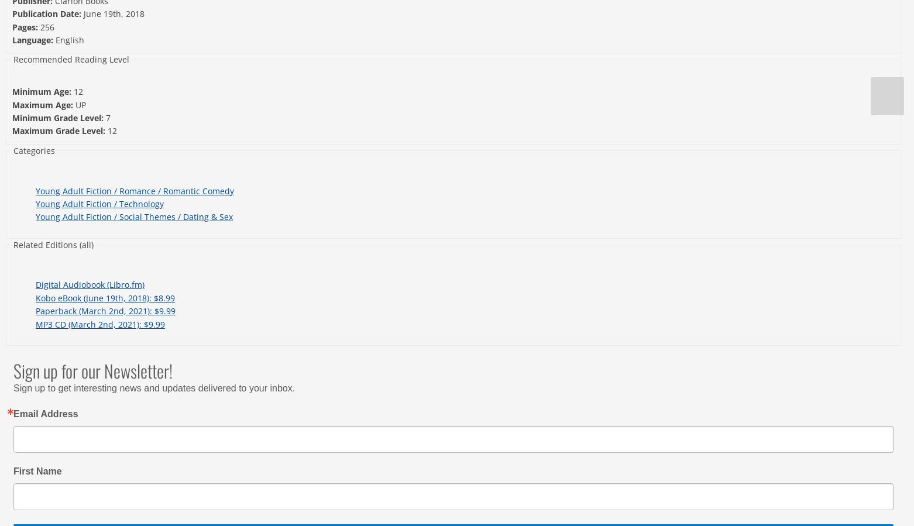 Image resolution: width=914 pixels, height=526 pixels. What do you see at coordinates (99, 324) in the screenshot?
I see `'MP3 CD (March 2nd, 2021): $9.99'` at bounding box center [99, 324].